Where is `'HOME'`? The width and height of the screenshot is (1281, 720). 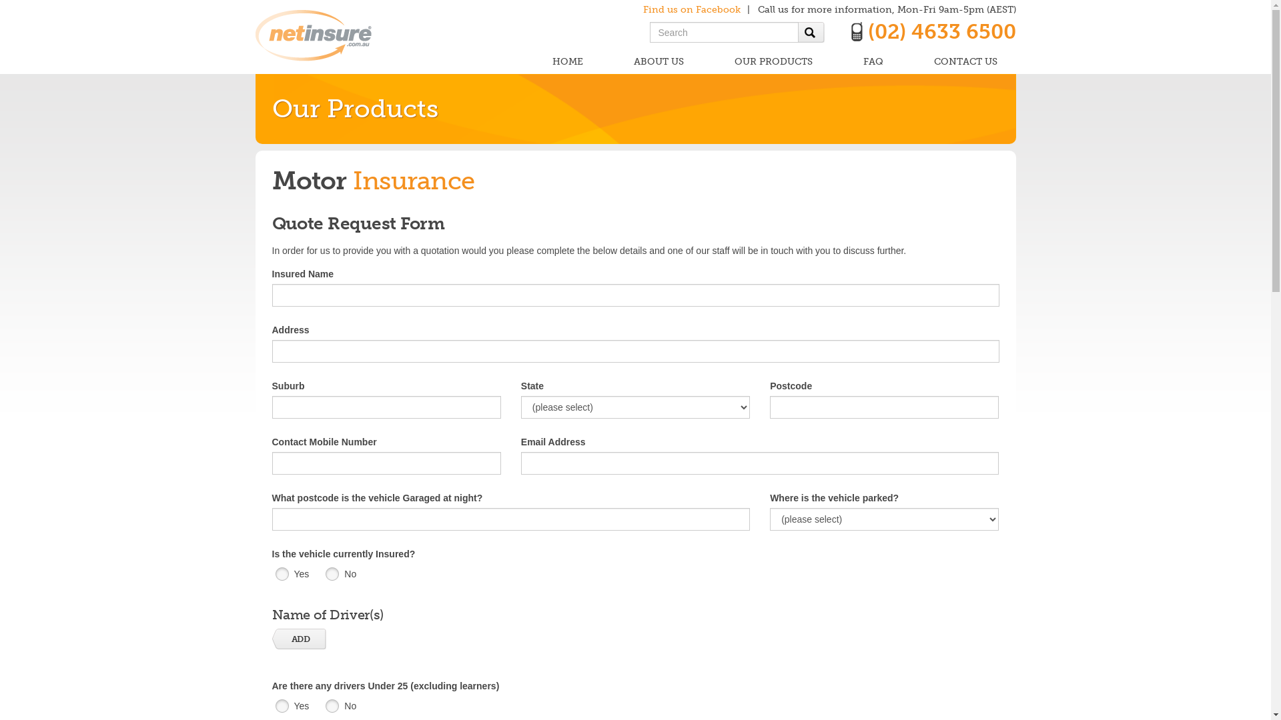
'HOME' is located at coordinates (534, 61).